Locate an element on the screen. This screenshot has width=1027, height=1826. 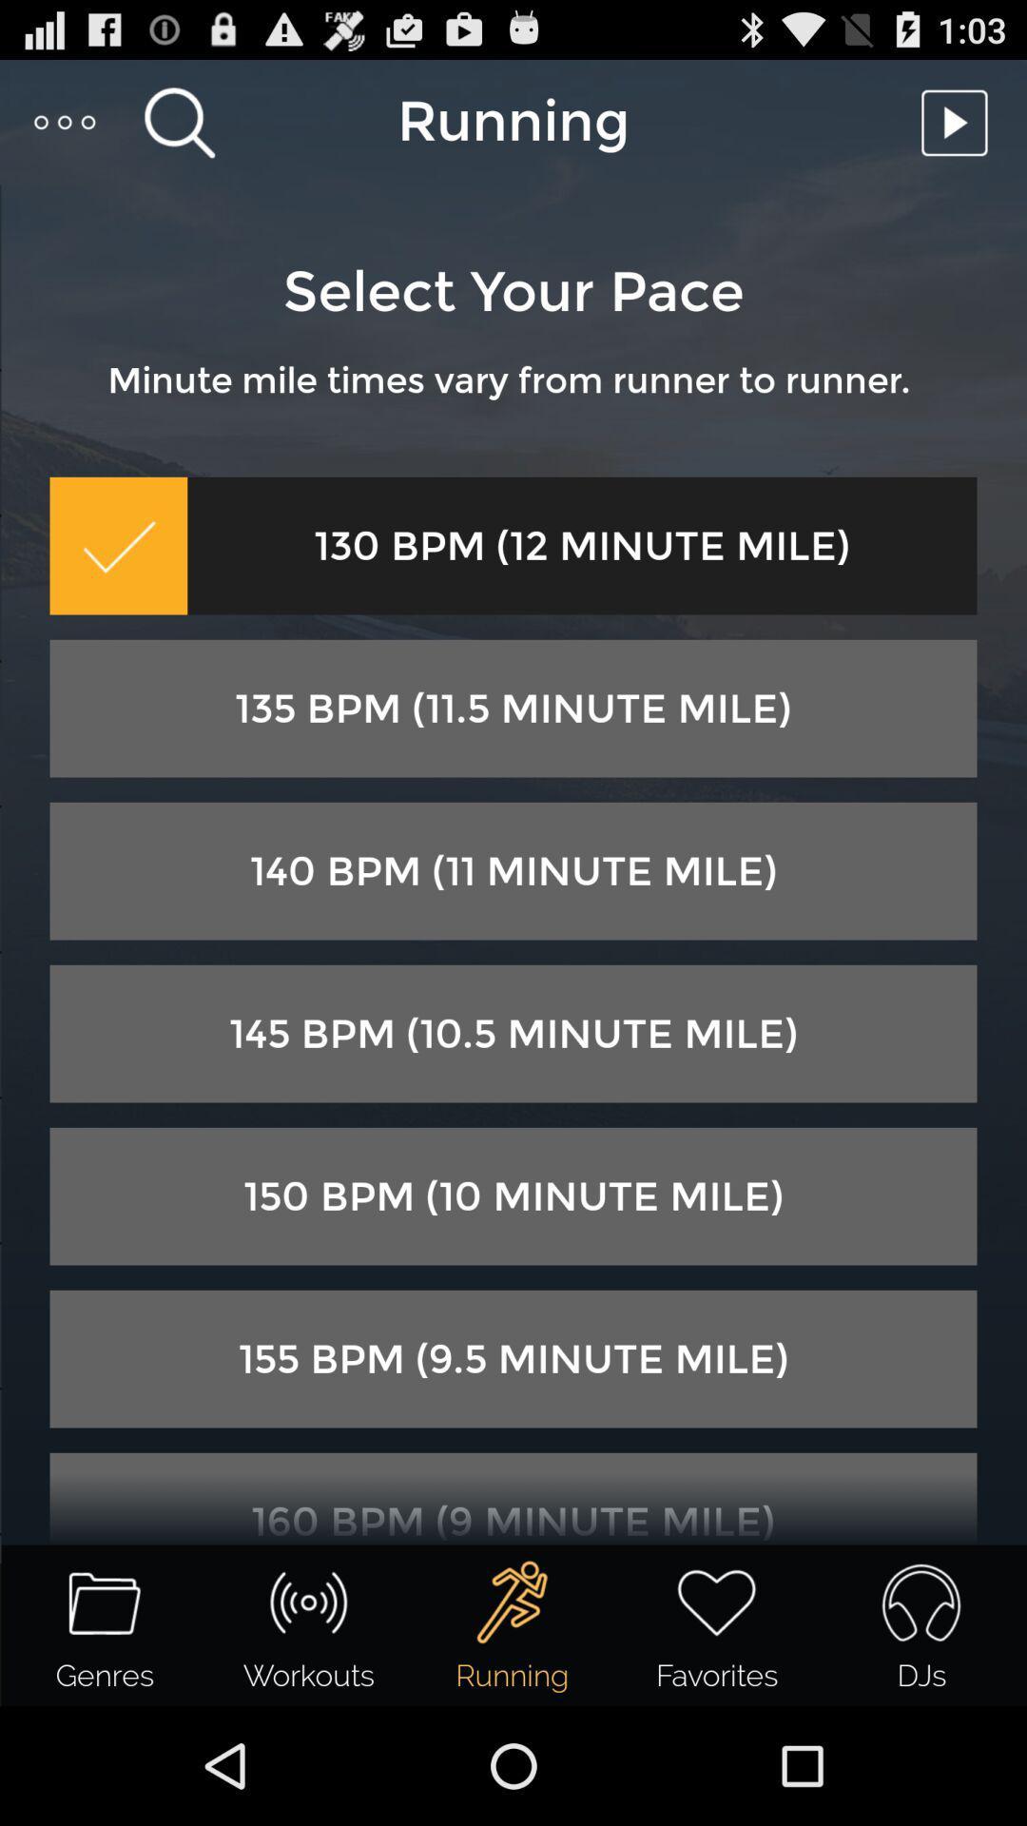
the item below minute mile times is located at coordinates (118, 545).